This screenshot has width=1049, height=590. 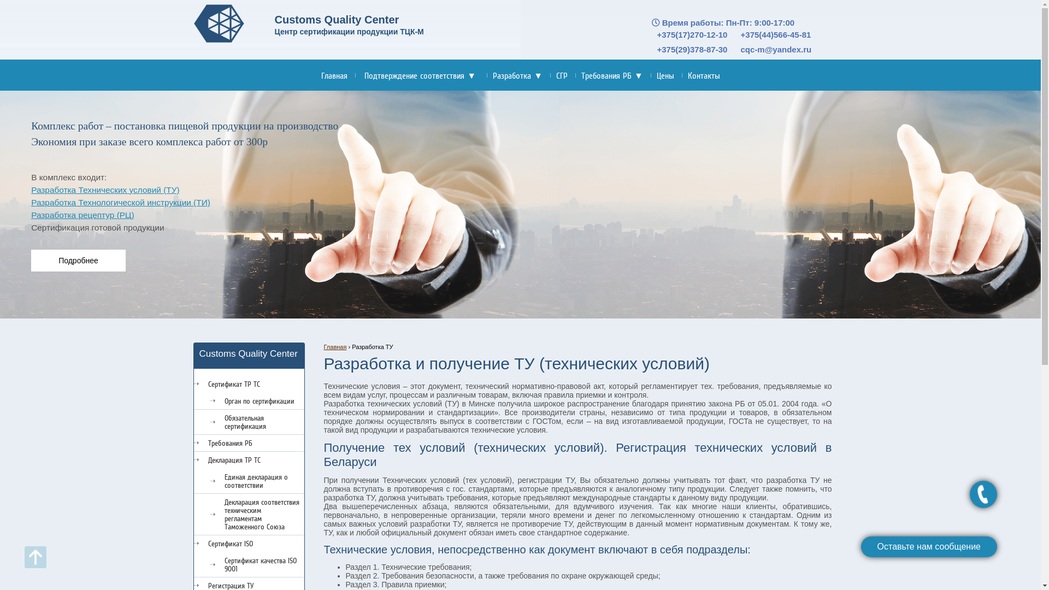 I want to click on '+375(17)270-12-10', so click(x=691, y=34).